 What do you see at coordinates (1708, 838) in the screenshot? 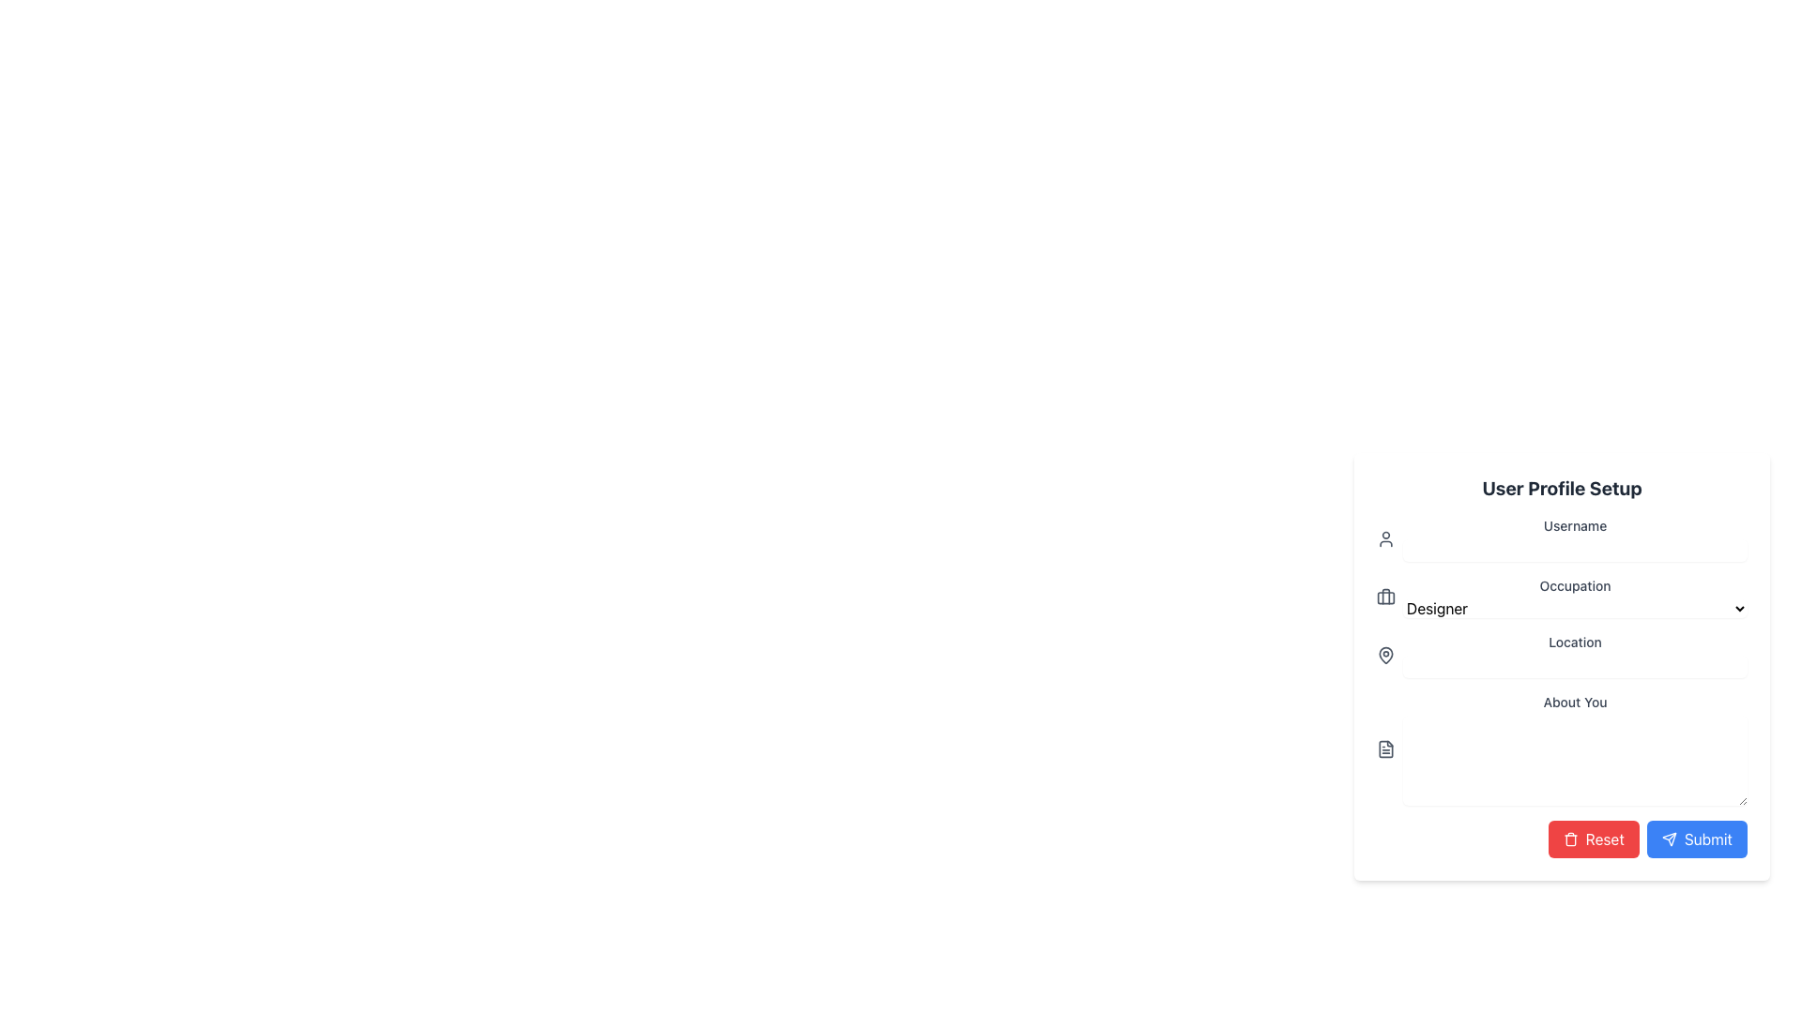
I see `text from the 'Submit' label, which is styled with a white font on a blue background and is located within the button labeled 'Submit'` at bounding box center [1708, 838].